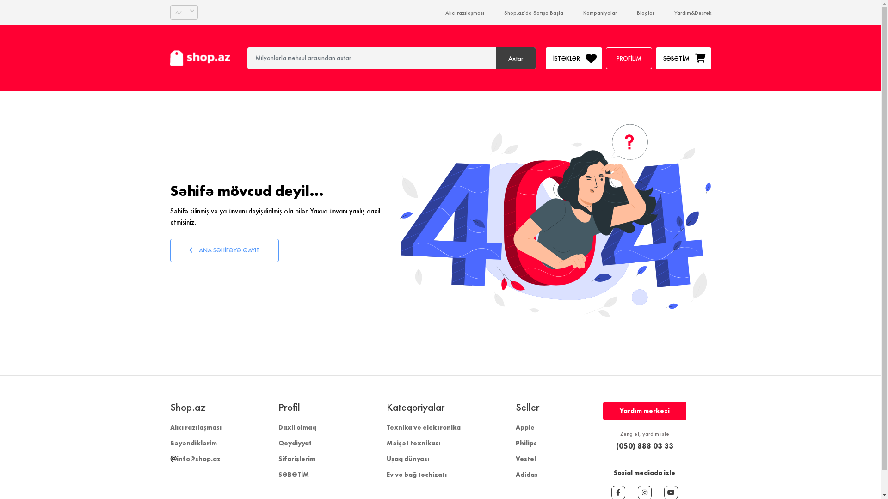 The image size is (888, 499). I want to click on 'Philips', so click(526, 443).